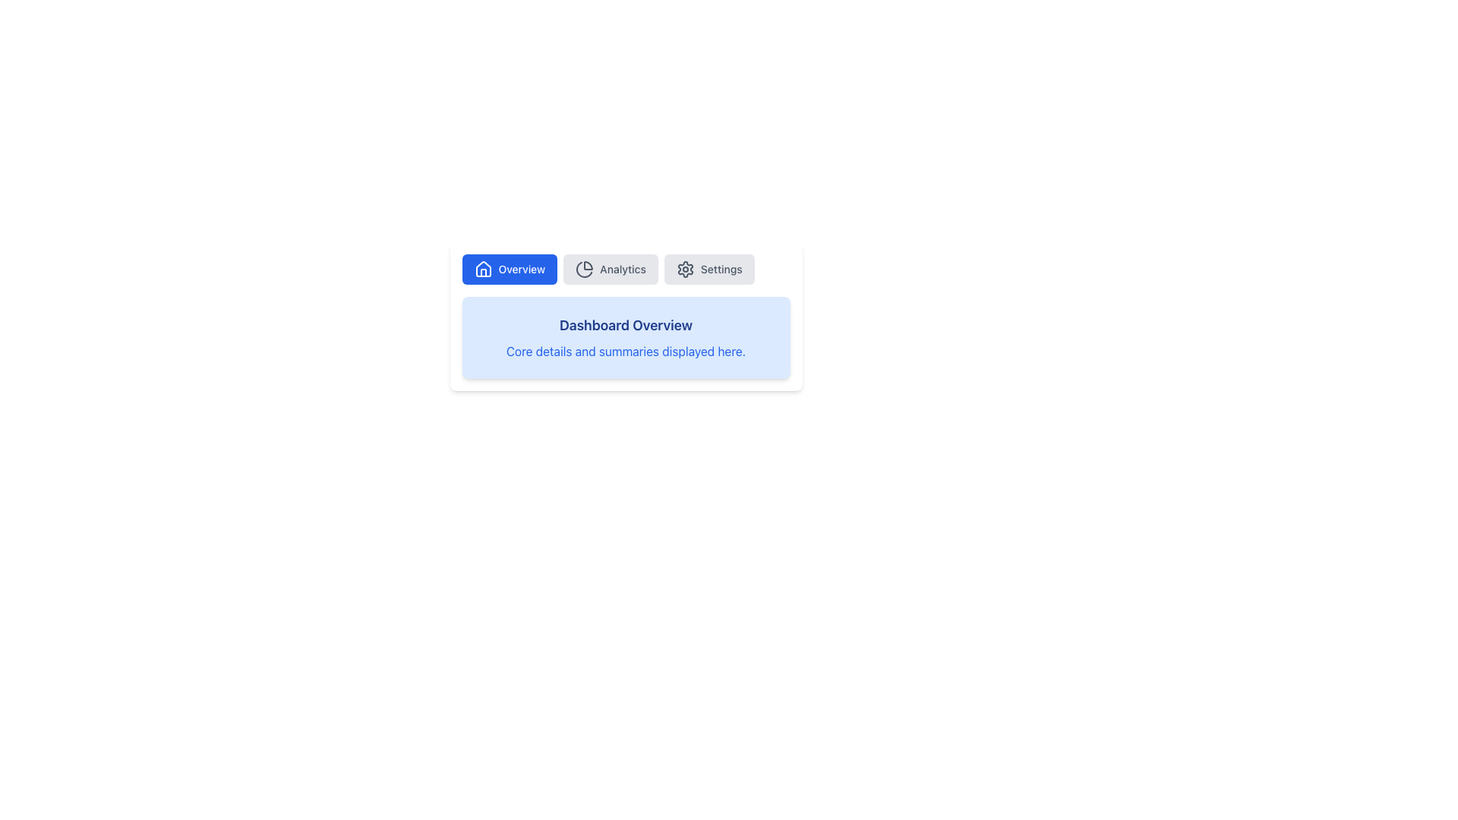 Image resolution: width=1458 pixels, height=820 pixels. Describe the element at coordinates (588, 265) in the screenshot. I see `the upper-right segment of the pie chart icon, which symbolizes analytics functionality, located adjacent to the 'Analytics' button` at that location.